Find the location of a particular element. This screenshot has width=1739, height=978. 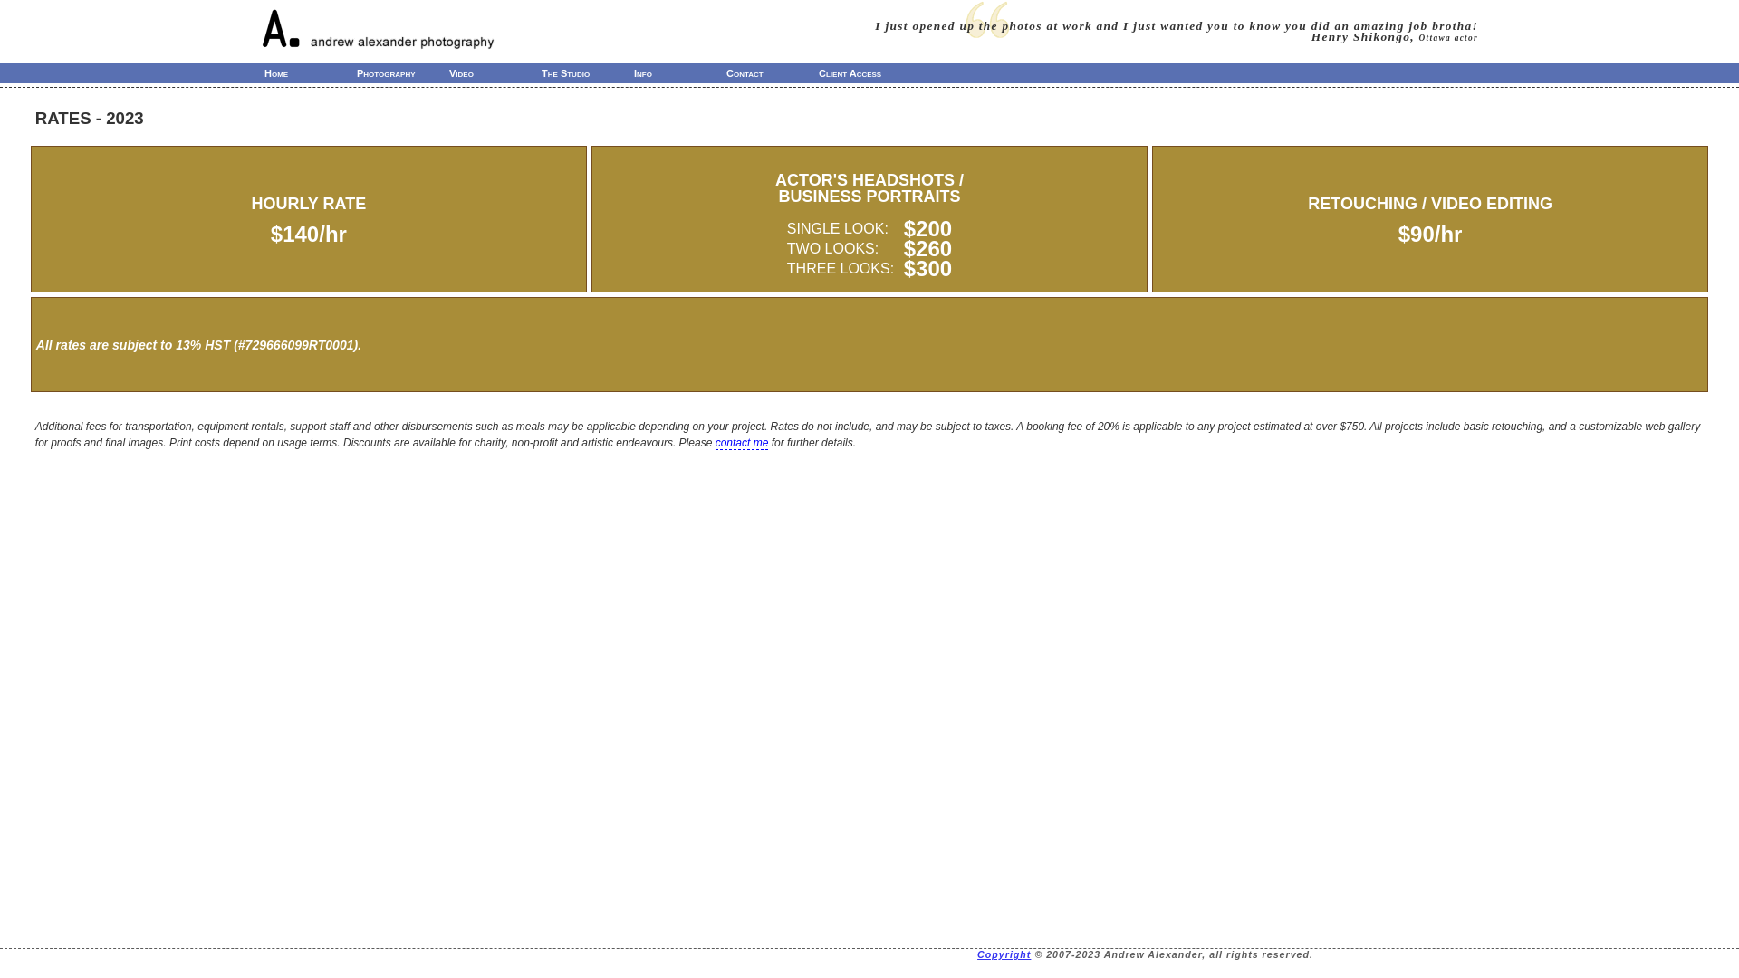

'Contact' is located at coordinates (773, 72).